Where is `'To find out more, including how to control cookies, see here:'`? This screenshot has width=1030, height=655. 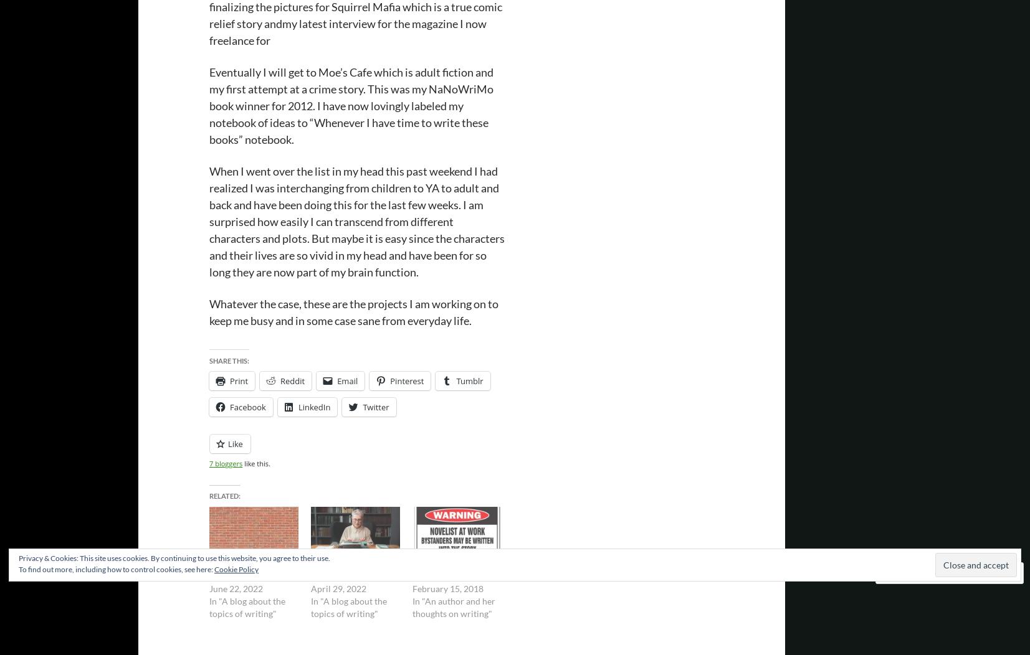
'To find out more, including how to control cookies, see here:' is located at coordinates (115, 569).